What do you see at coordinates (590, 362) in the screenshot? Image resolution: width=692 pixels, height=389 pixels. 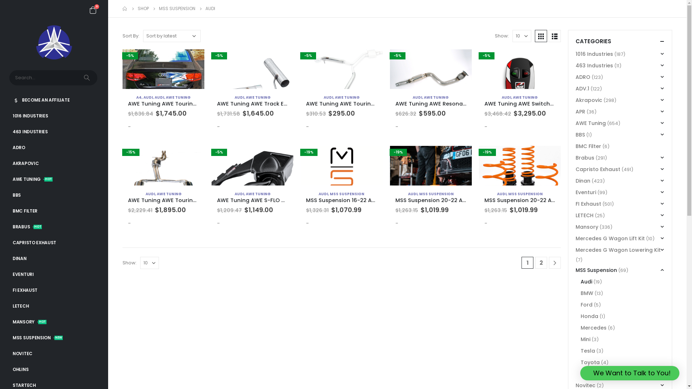 I see `'Toyota'` at bounding box center [590, 362].